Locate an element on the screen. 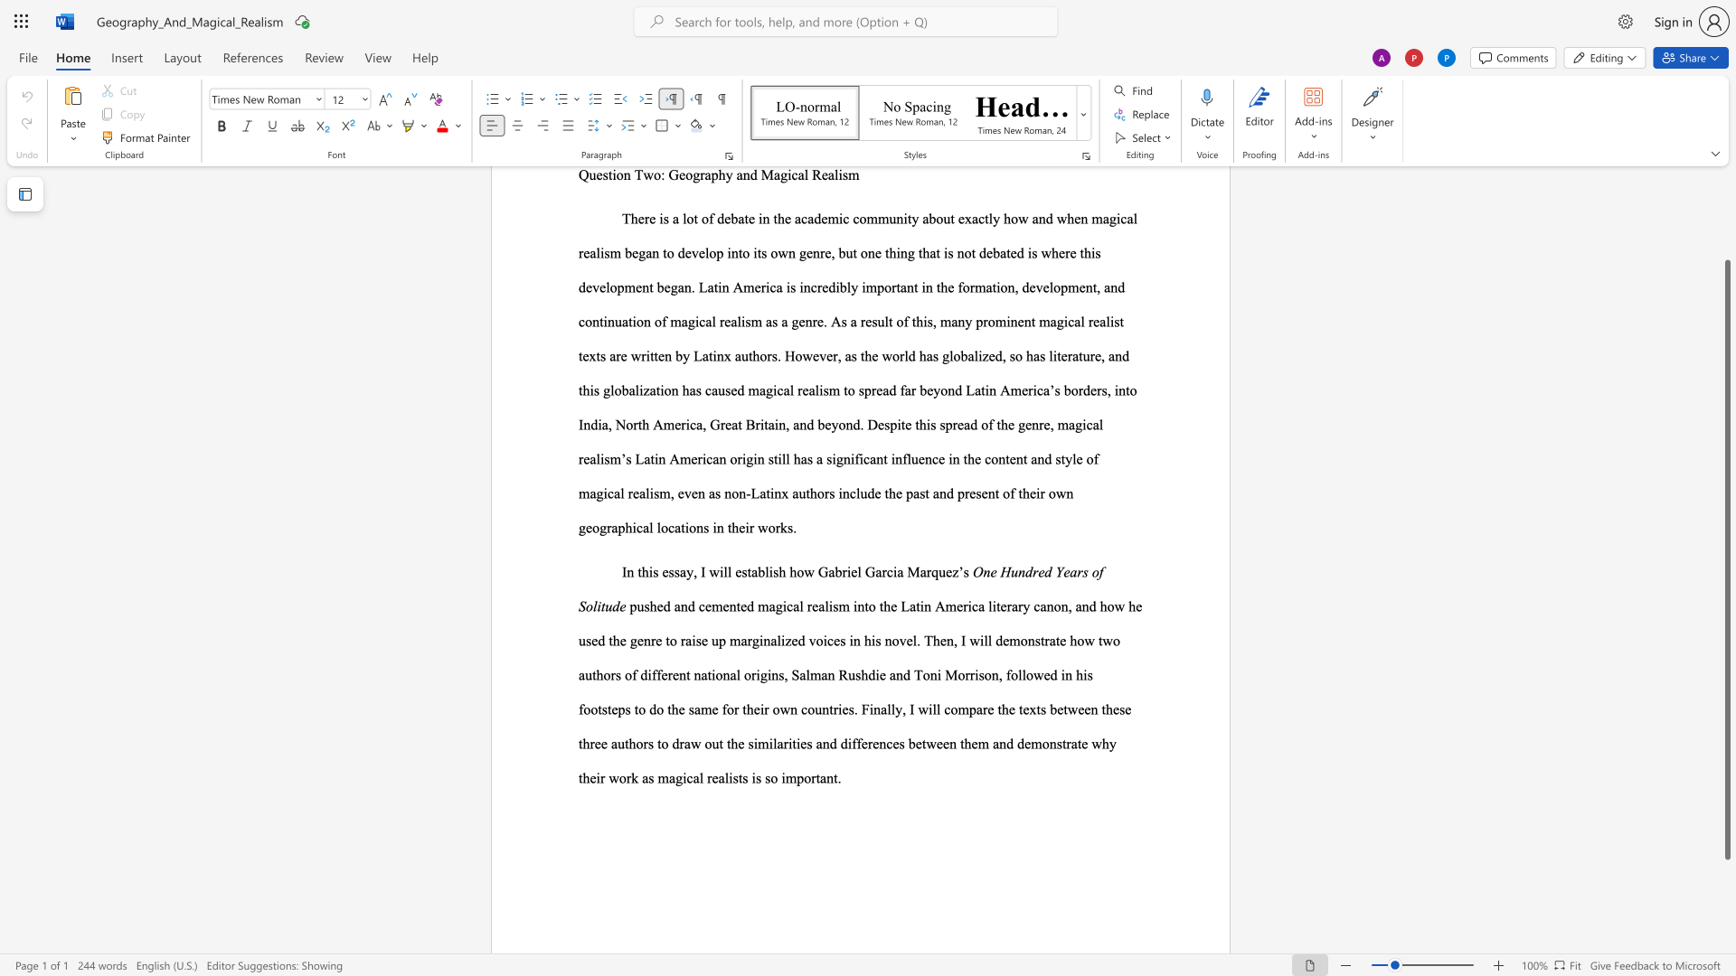 The width and height of the screenshot is (1736, 976). the scrollbar on the right is located at coordinates (1726, 233).